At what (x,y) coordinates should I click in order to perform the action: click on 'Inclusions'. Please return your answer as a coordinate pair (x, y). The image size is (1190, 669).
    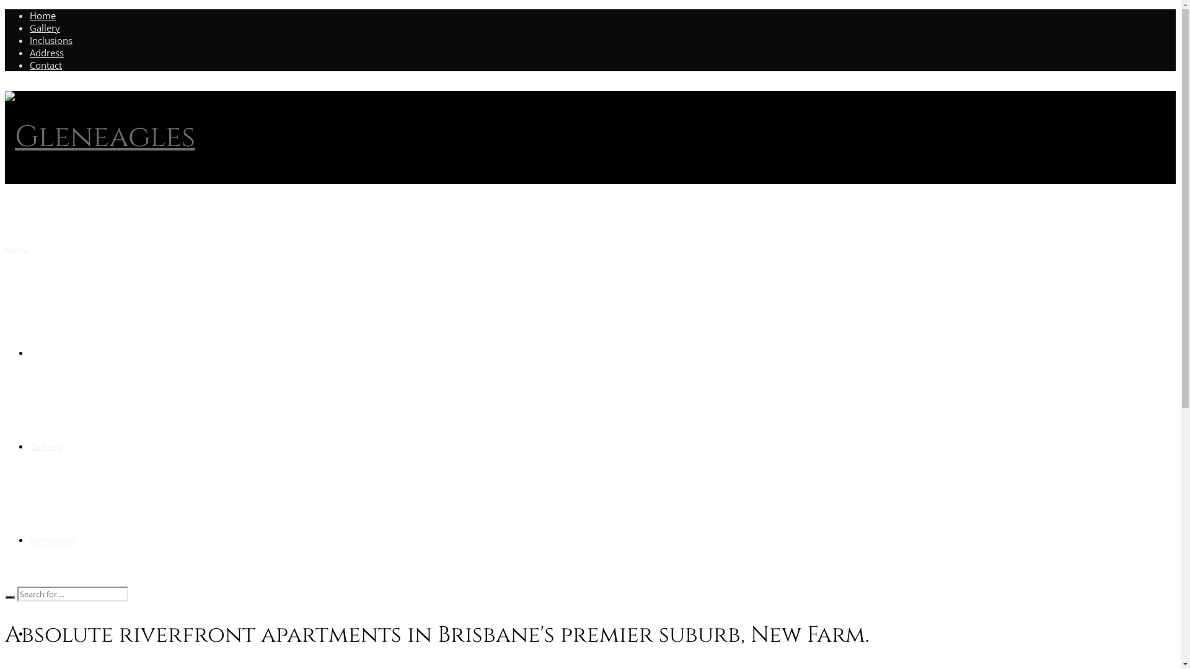
    Looking at the image, I should click on (30, 539).